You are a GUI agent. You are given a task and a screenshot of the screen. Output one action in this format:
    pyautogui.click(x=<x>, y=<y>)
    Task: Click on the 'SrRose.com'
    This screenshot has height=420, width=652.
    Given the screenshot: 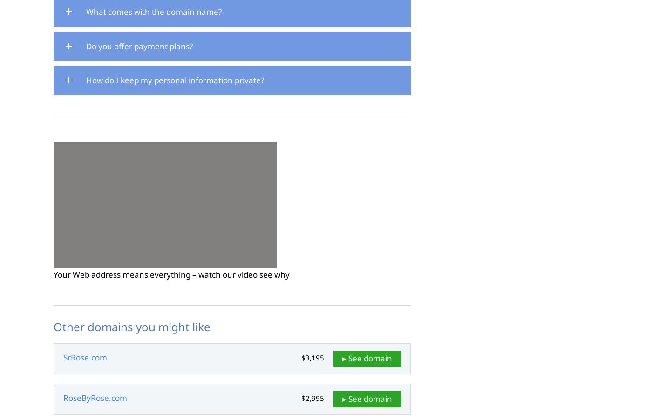 What is the action you would take?
    pyautogui.click(x=85, y=357)
    